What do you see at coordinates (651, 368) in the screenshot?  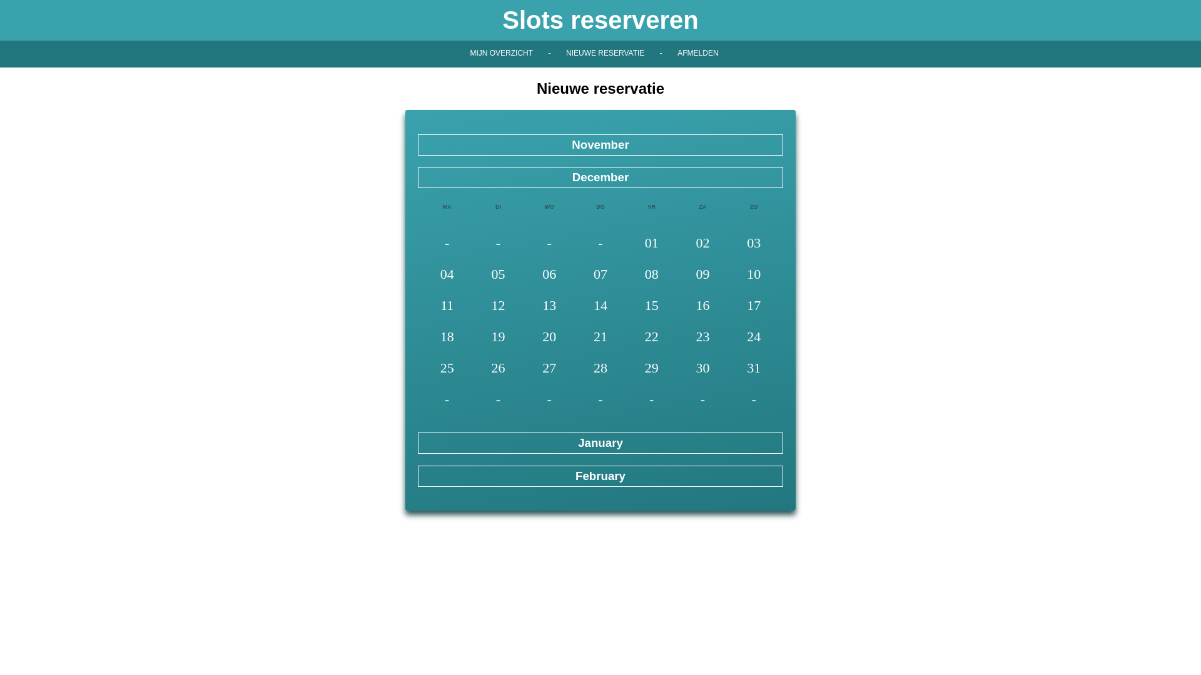 I see `'29'` at bounding box center [651, 368].